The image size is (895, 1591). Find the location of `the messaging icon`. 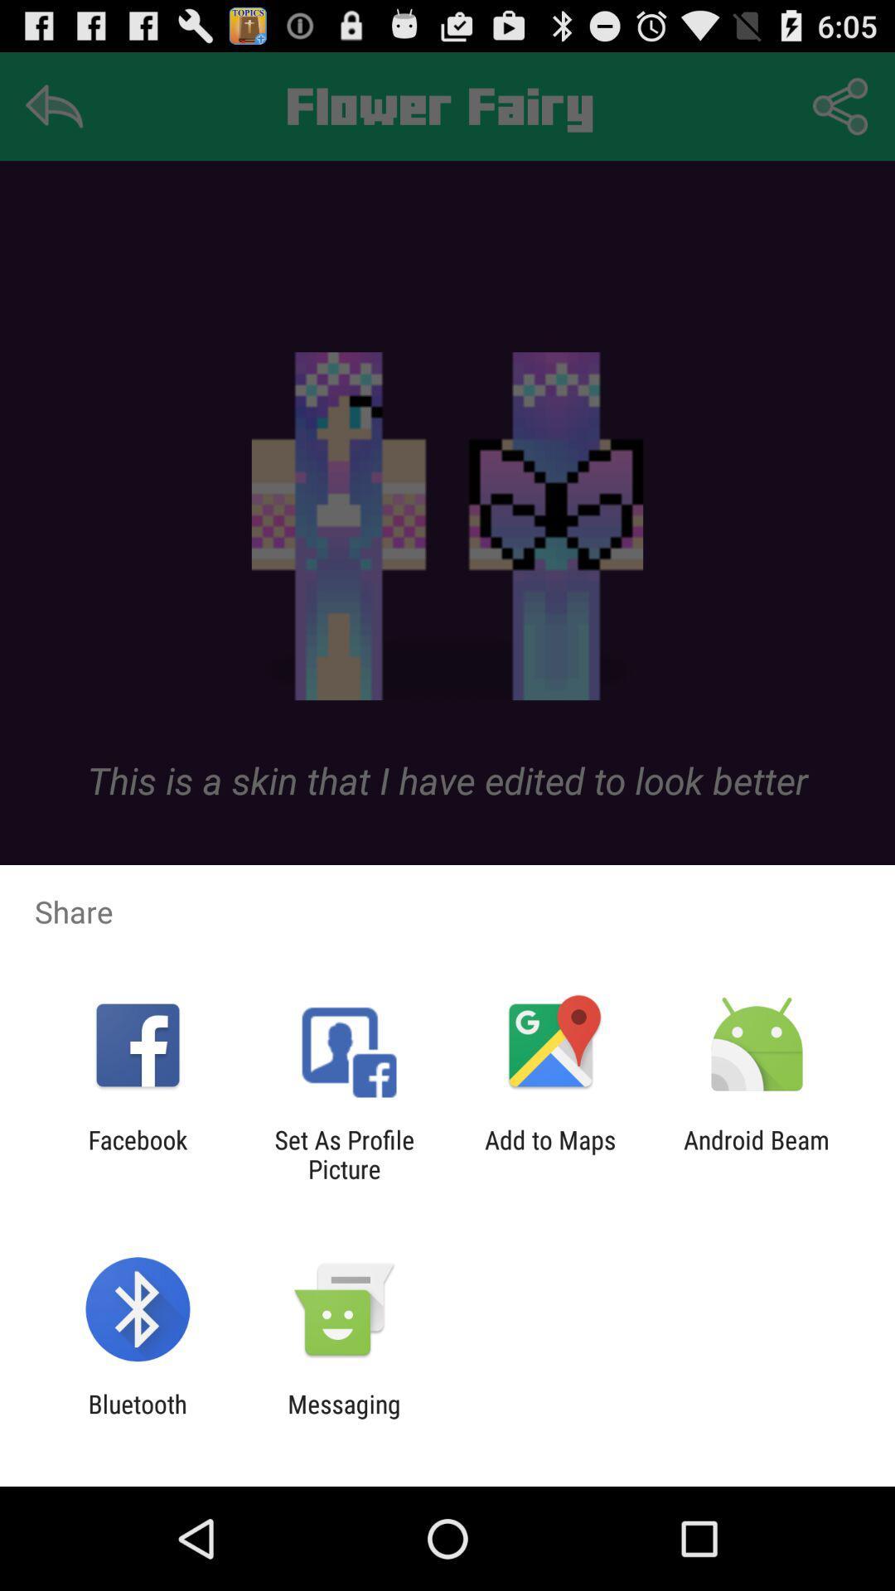

the messaging icon is located at coordinates (343, 1418).